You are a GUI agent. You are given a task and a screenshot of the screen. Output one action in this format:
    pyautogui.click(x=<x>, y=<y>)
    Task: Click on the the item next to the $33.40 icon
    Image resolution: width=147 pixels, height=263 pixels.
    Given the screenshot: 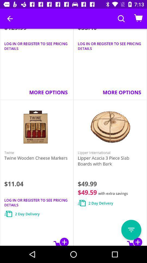 What is the action you would take?
    pyautogui.click(x=10, y=19)
    